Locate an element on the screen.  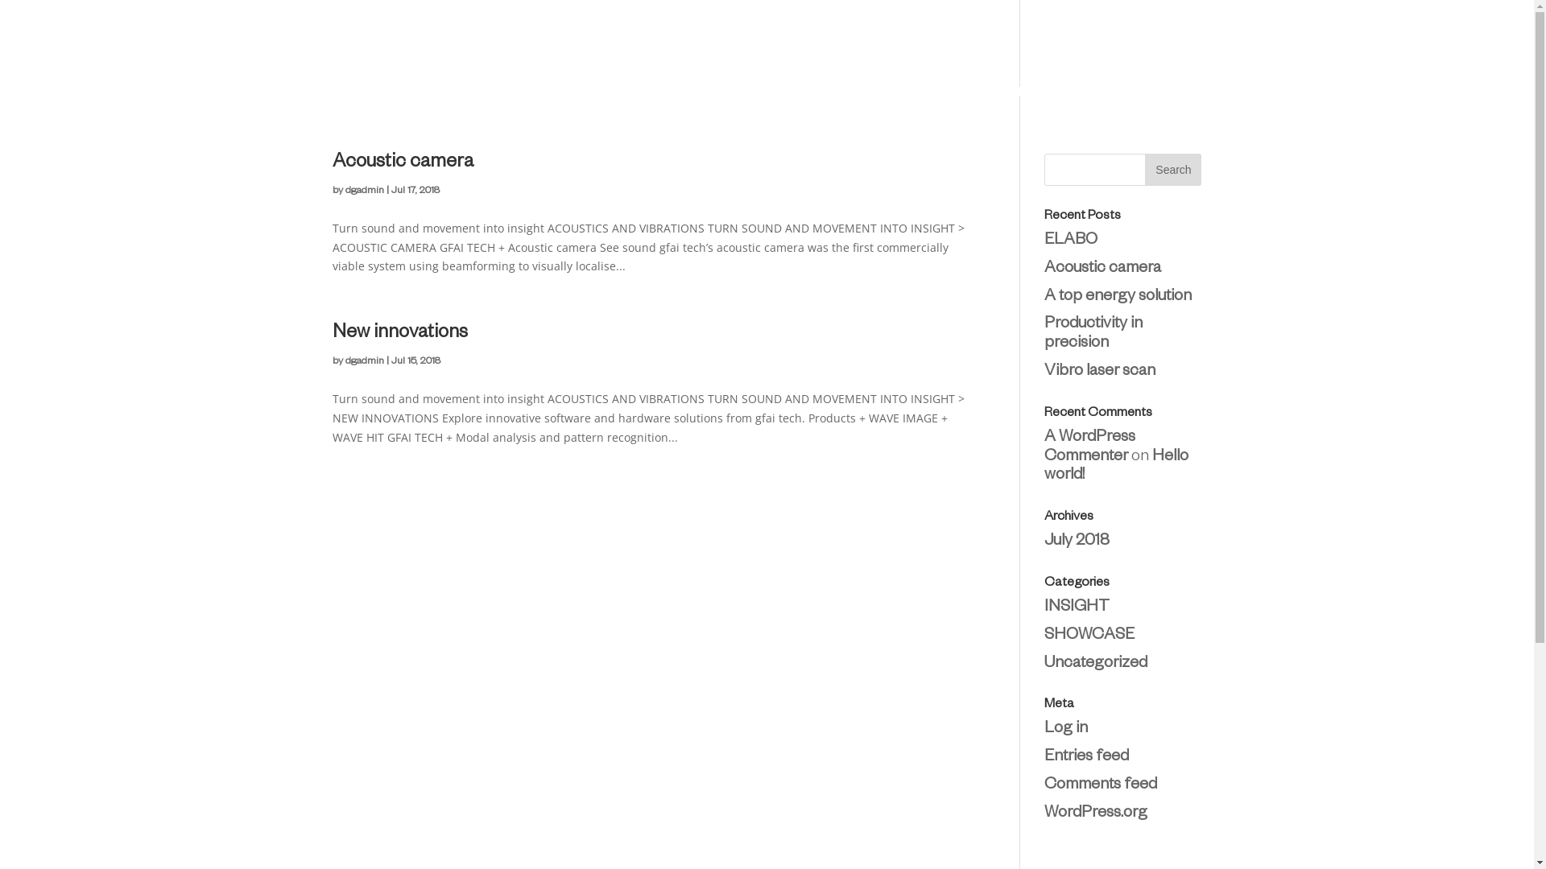
'Acoustic camera' is located at coordinates (1102, 269).